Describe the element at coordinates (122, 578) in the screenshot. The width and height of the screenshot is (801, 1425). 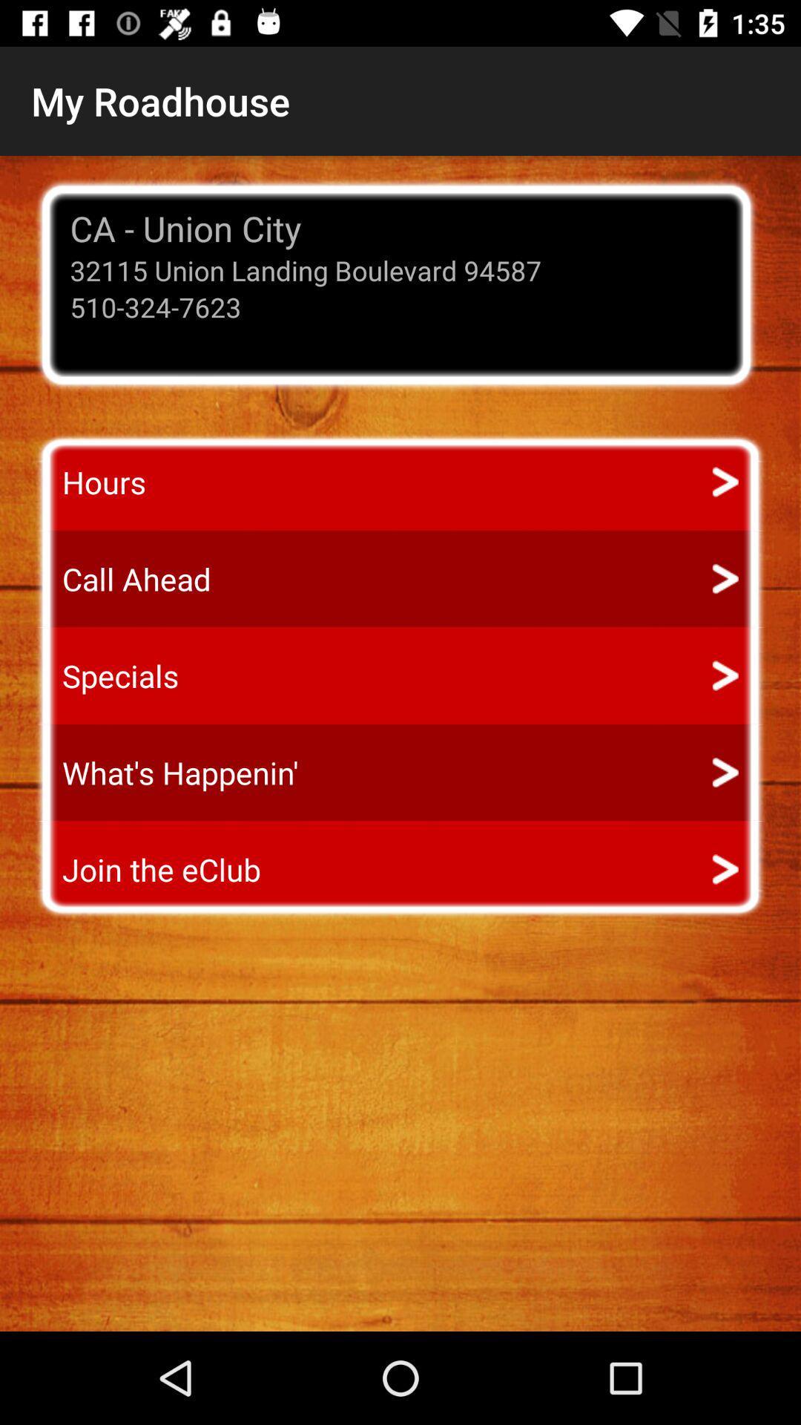
I see `the call ahead` at that location.